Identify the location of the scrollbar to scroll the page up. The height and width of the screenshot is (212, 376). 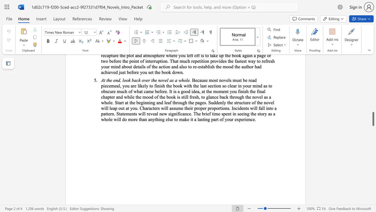
(373, 120).